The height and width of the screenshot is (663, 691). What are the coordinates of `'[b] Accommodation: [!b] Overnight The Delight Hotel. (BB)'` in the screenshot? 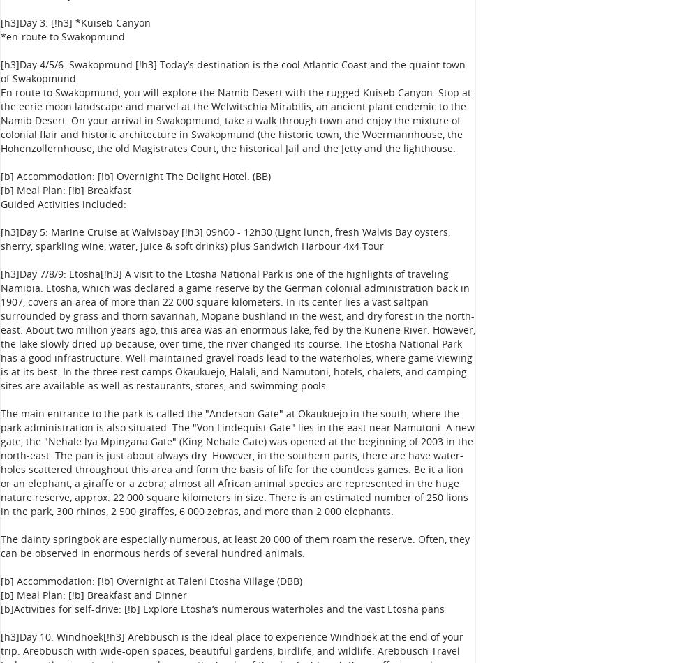 It's located at (0, 175).